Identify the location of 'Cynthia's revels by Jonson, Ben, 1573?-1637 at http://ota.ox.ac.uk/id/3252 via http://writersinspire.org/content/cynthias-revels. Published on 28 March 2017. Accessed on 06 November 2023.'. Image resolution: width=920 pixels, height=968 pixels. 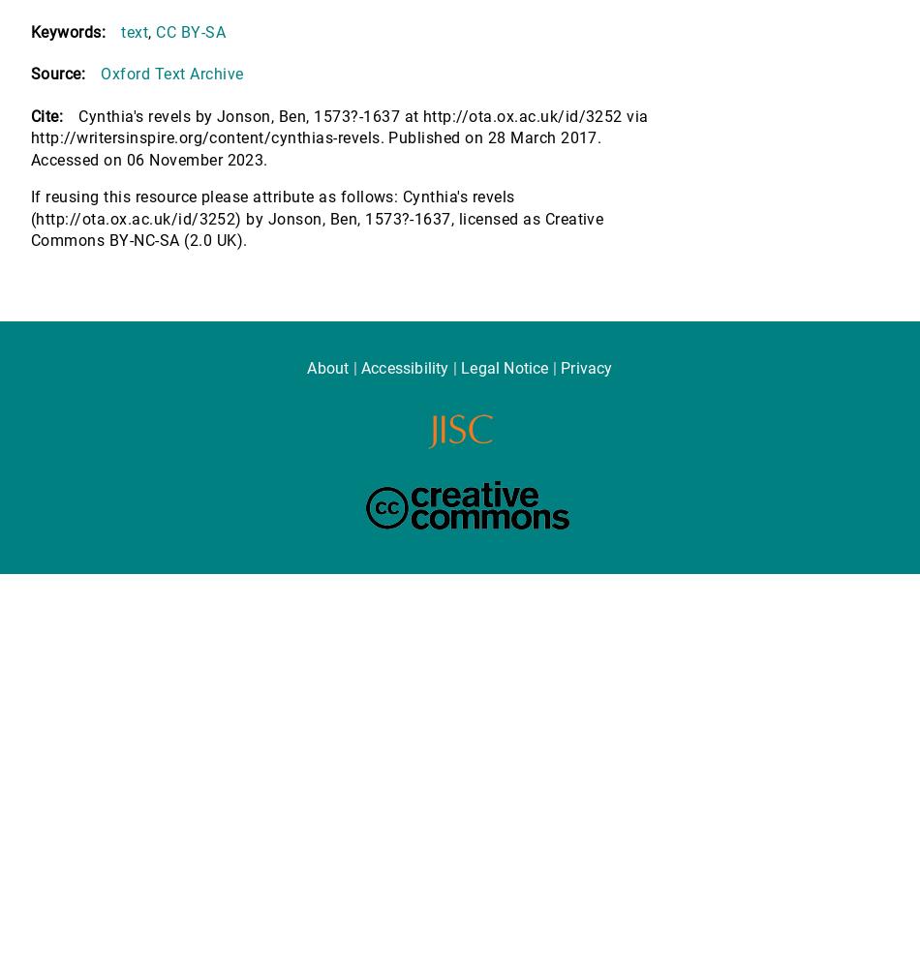
(338, 137).